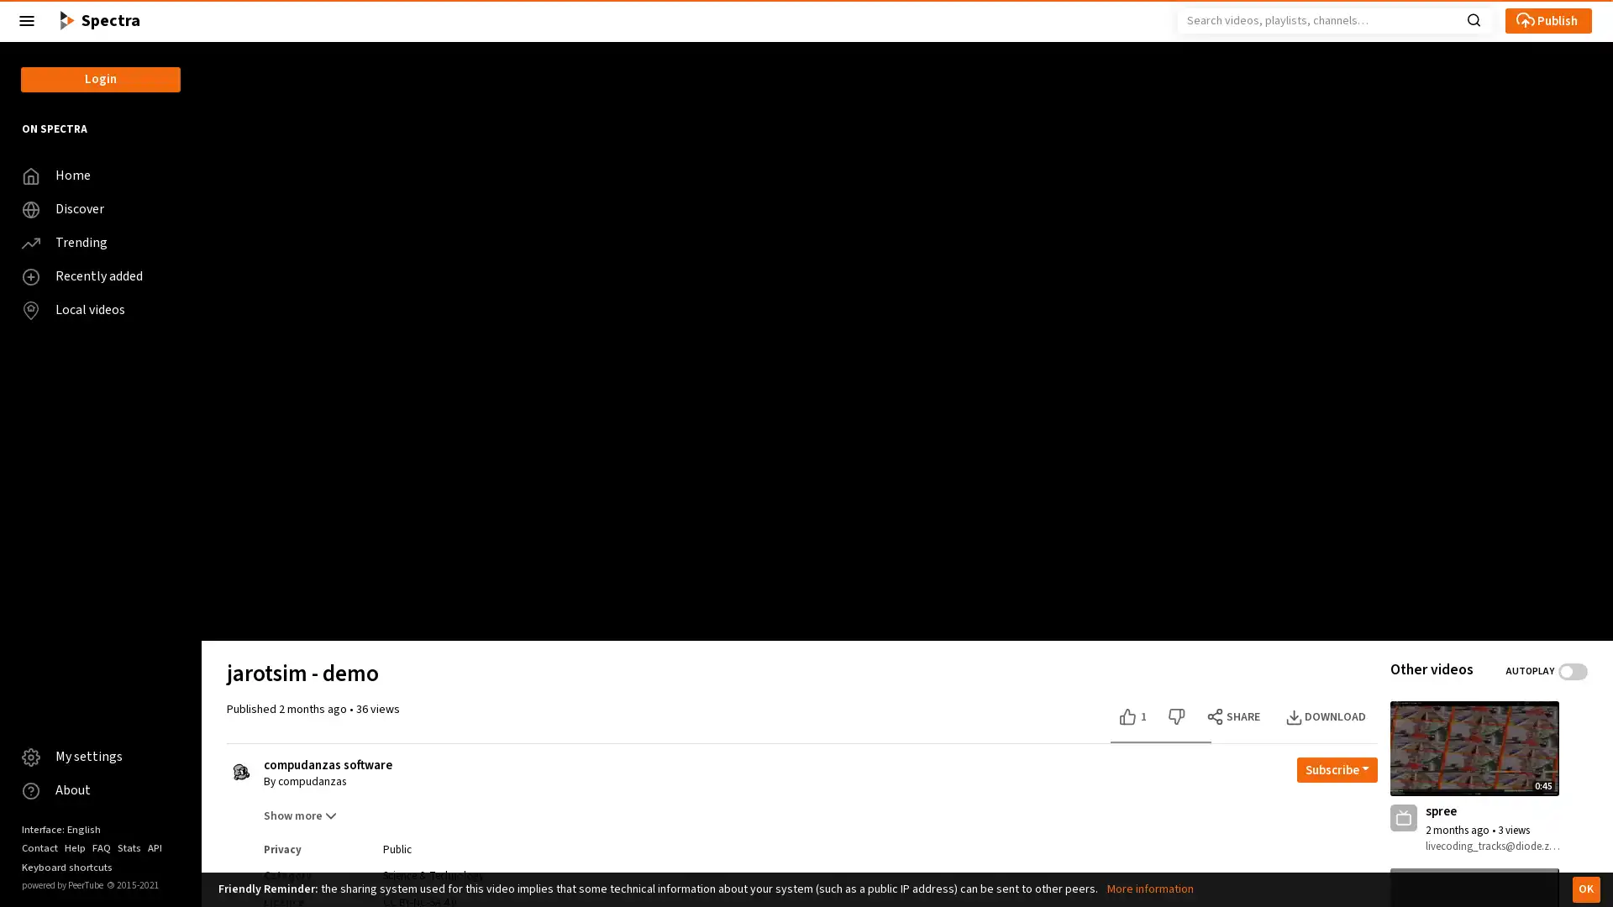  Describe the element at coordinates (1134, 716) in the screenshot. I see `Like this video` at that location.